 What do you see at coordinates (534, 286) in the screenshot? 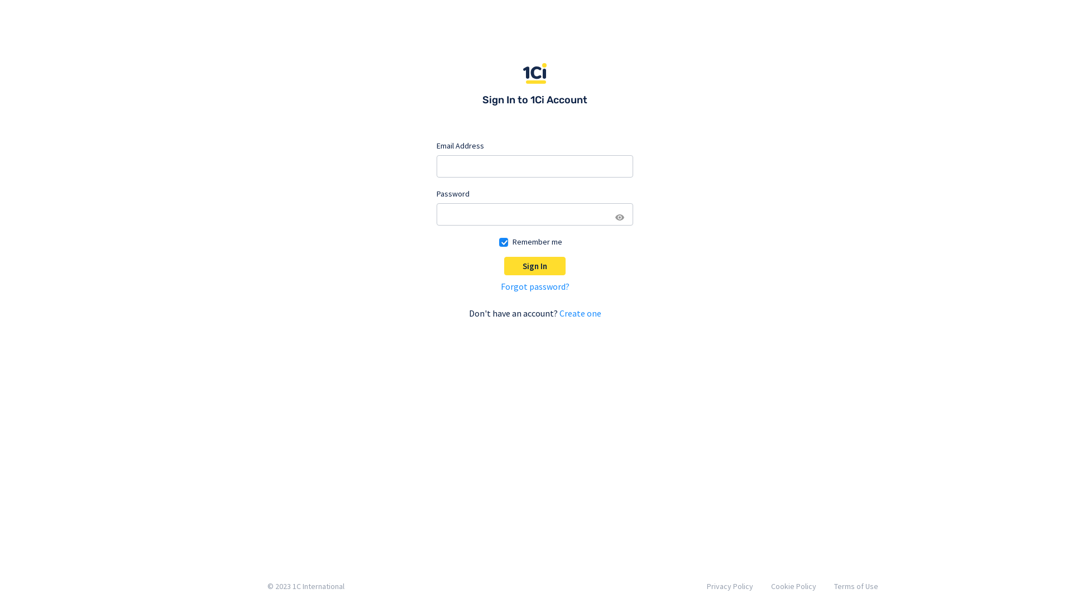
I see `'Forgot password?'` at bounding box center [534, 286].